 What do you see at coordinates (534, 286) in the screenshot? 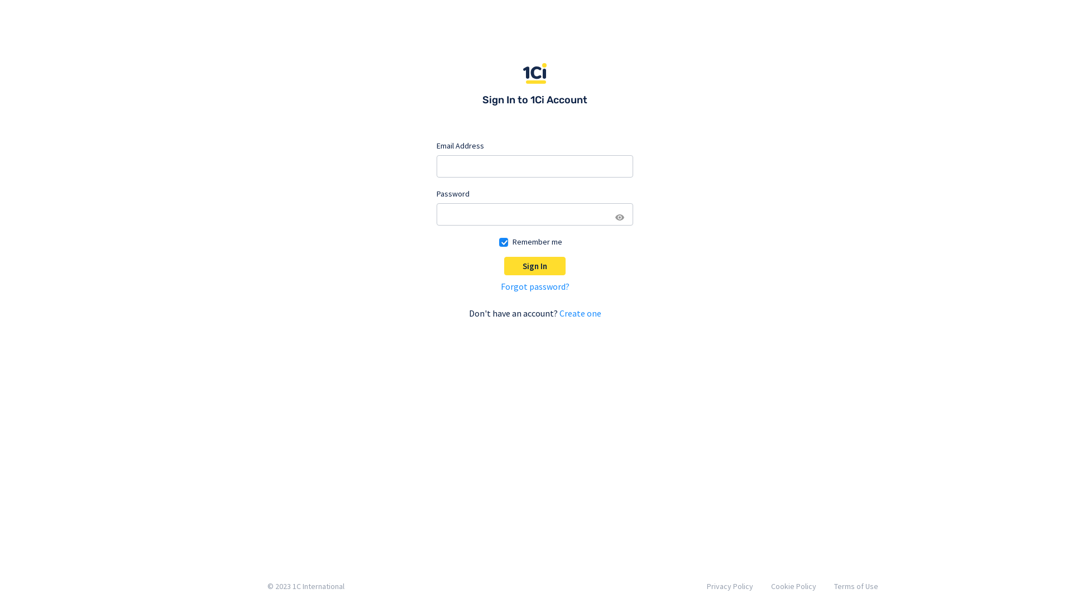
I see `'Forgot password?'` at bounding box center [534, 286].